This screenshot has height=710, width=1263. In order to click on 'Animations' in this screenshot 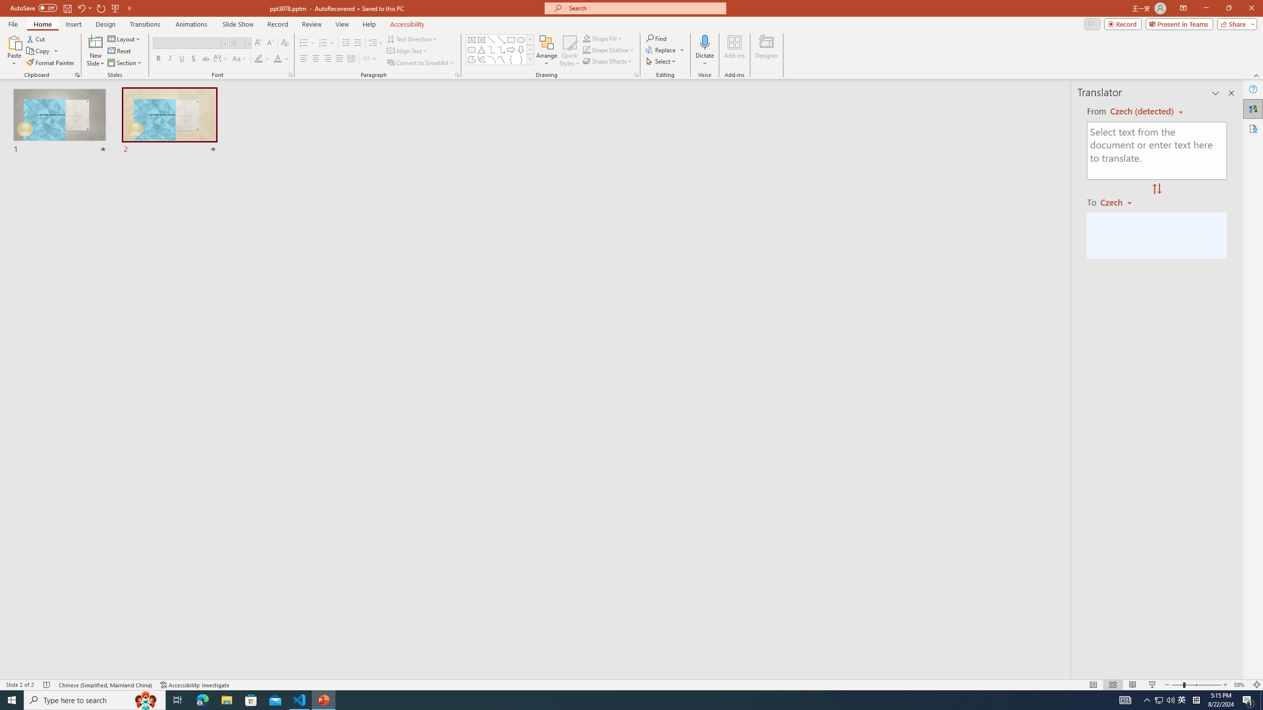, I will do `click(191, 24)`.